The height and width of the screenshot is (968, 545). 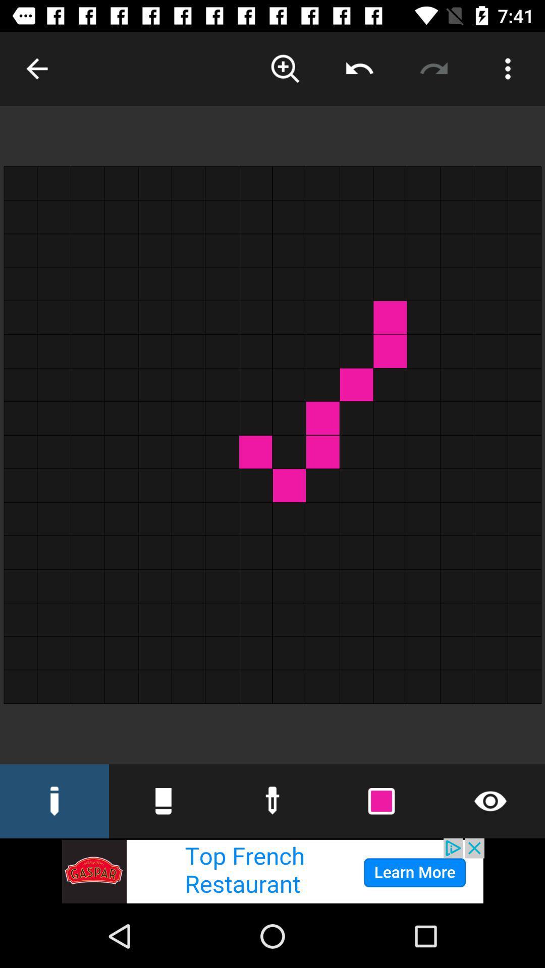 What do you see at coordinates (508, 68) in the screenshot?
I see `more option` at bounding box center [508, 68].